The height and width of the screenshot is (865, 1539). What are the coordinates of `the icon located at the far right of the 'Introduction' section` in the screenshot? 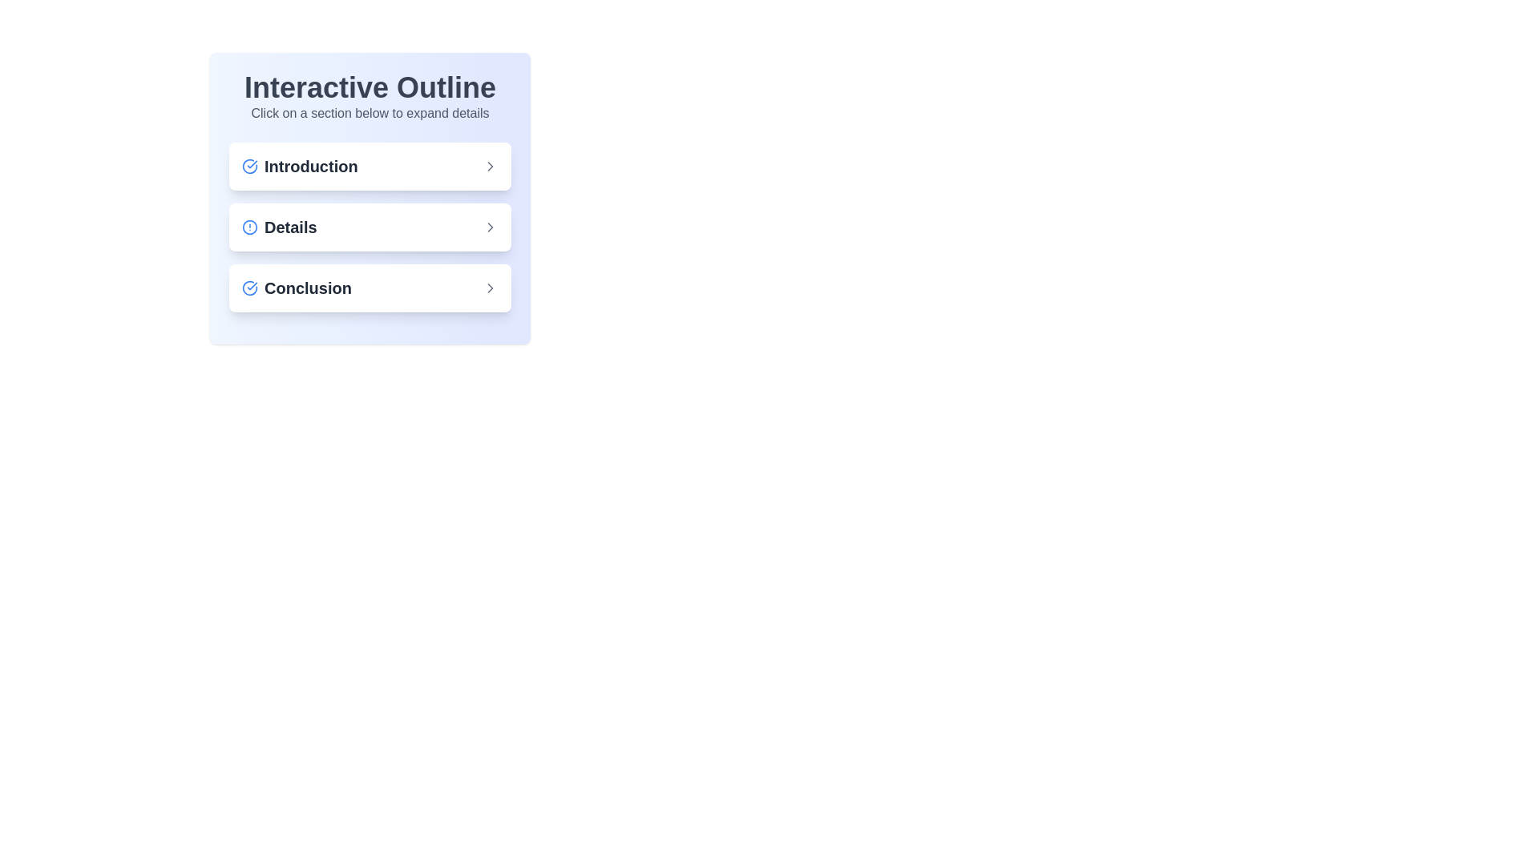 It's located at (489, 167).